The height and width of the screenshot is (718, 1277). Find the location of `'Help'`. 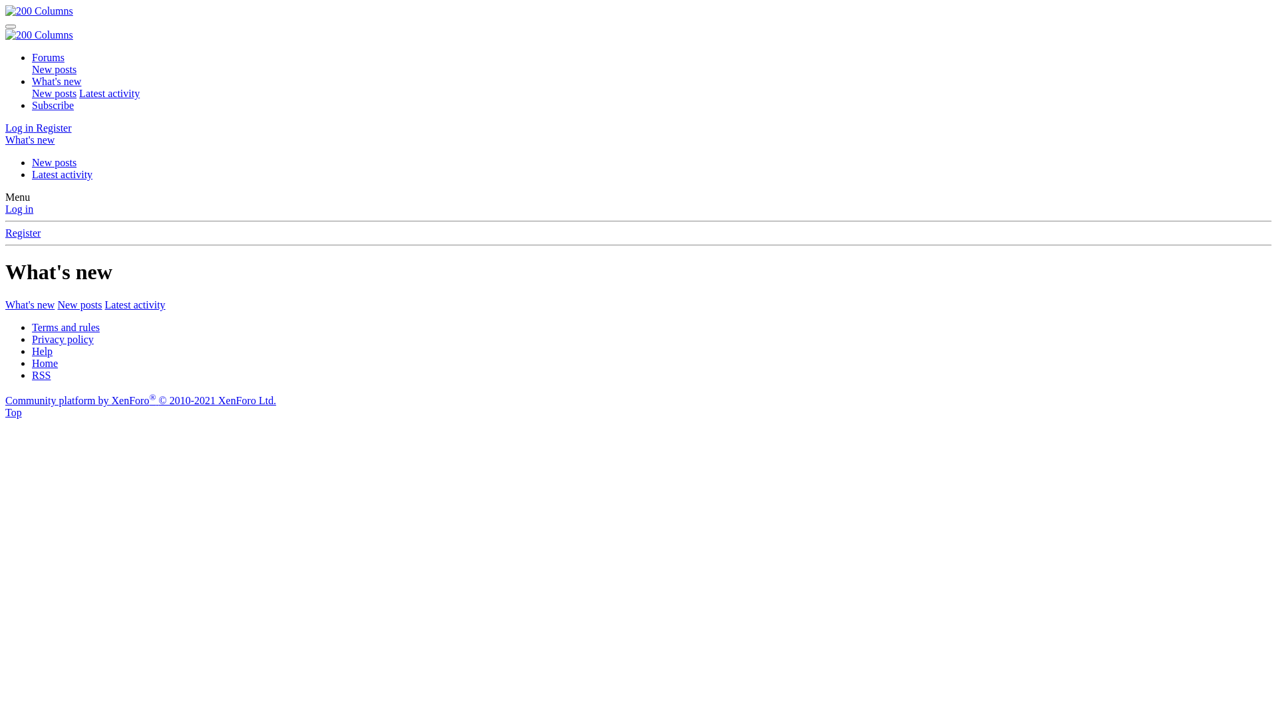

'Help' is located at coordinates (42, 350).